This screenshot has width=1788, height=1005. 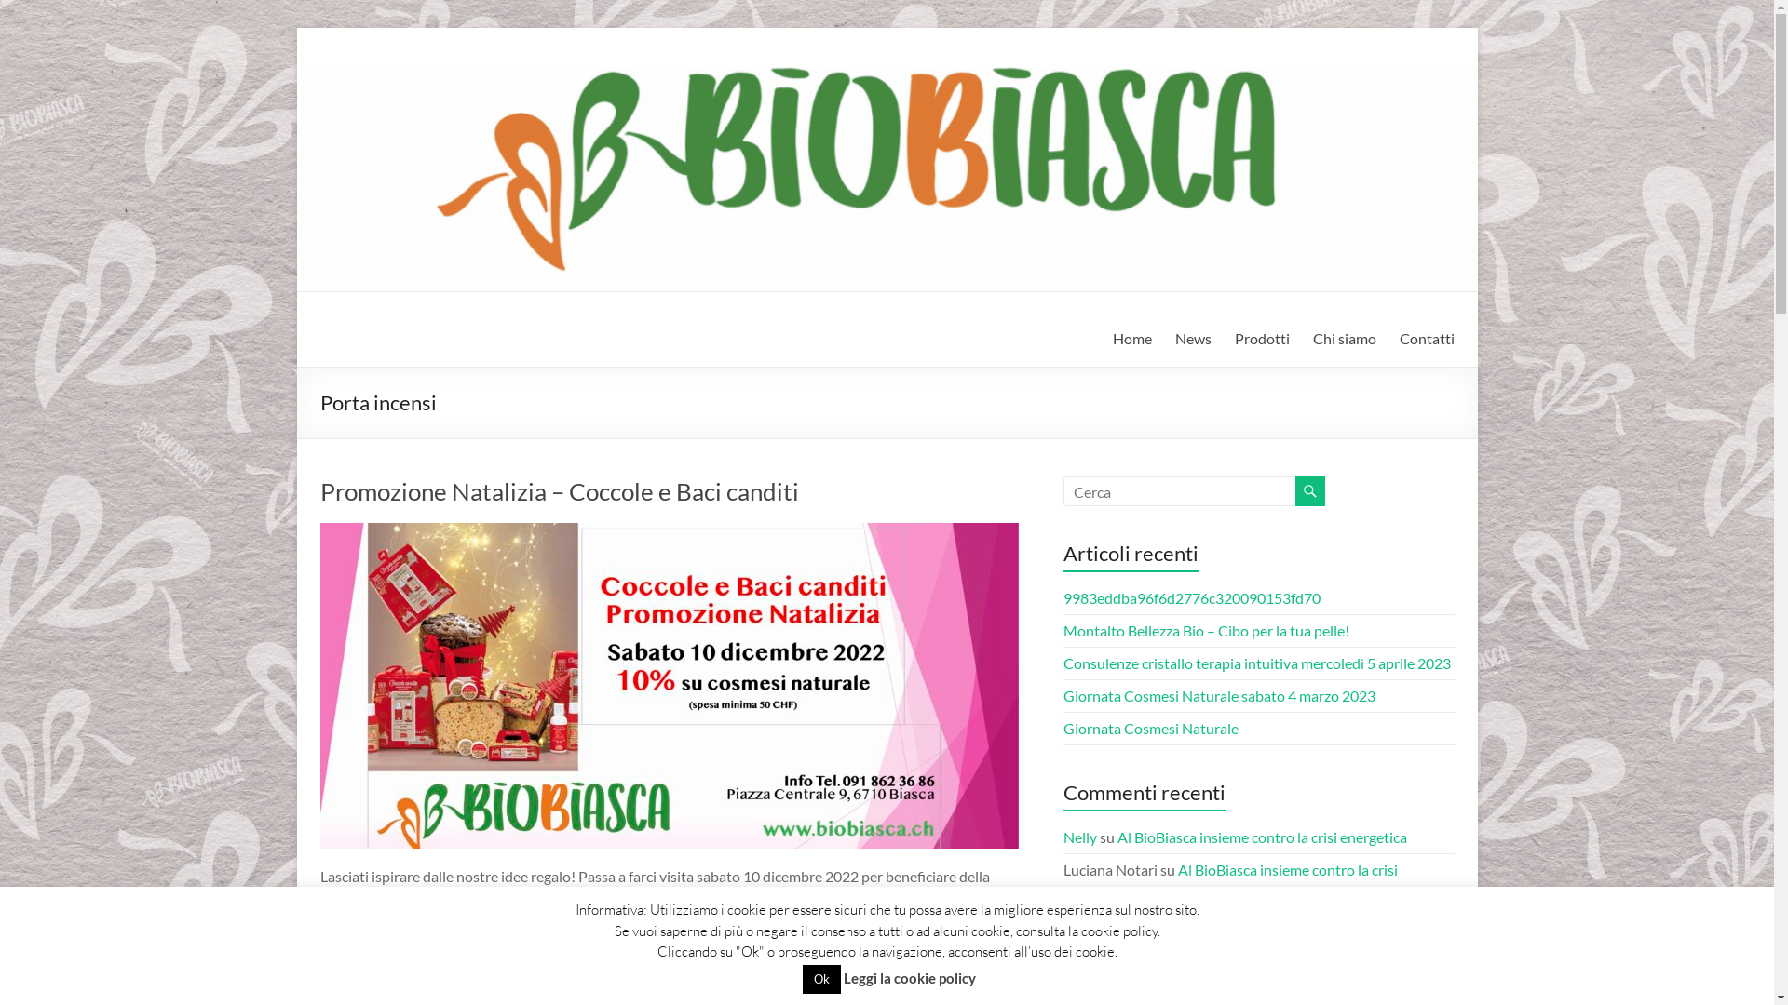 I want to click on 'Home', so click(x=1130, y=338).